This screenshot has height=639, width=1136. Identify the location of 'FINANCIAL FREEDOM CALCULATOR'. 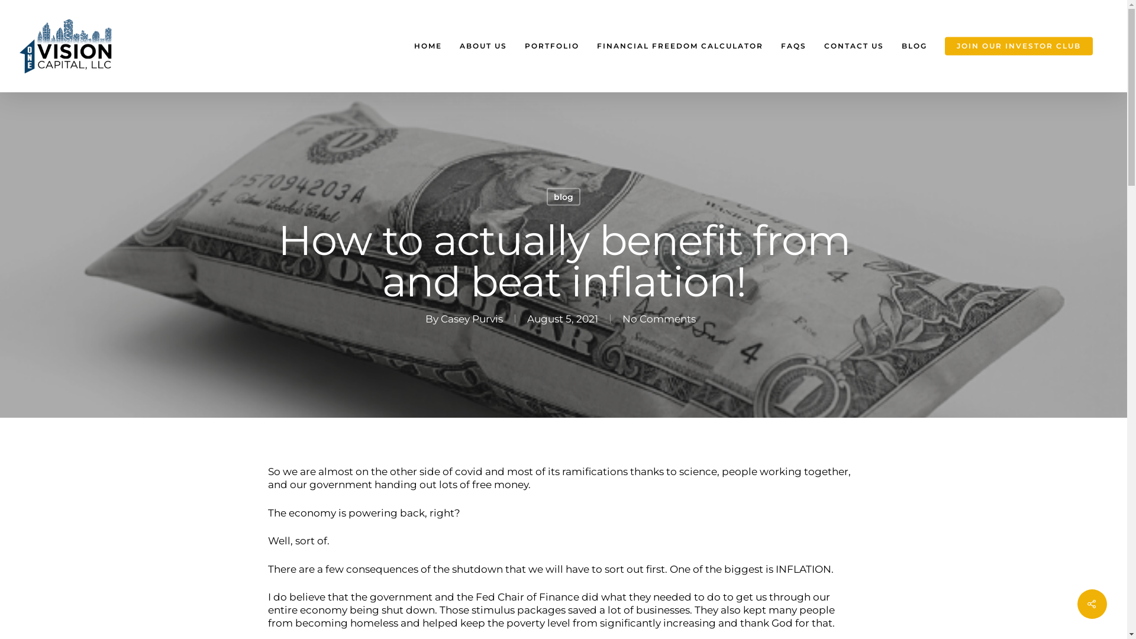
(588, 45).